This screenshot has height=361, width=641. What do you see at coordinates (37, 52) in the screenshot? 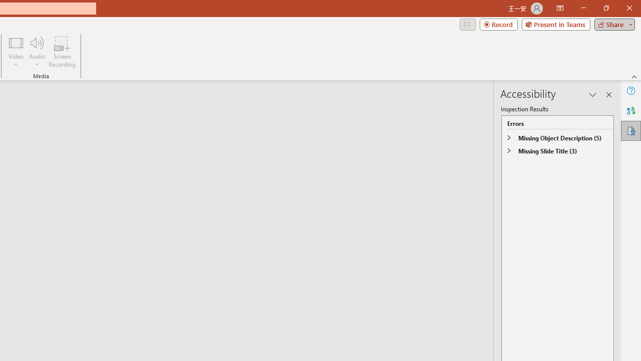
I see `'Audio'` at bounding box center [37, 52].